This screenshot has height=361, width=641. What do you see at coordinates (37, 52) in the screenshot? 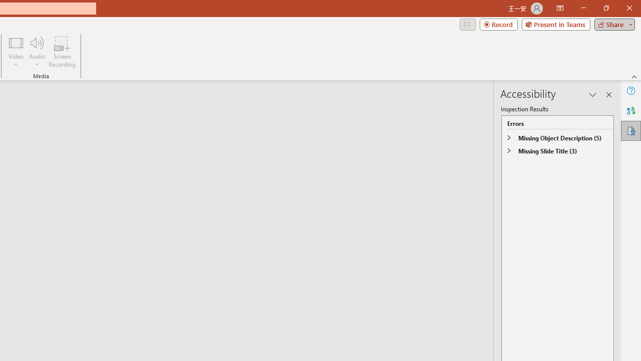
I see `'Audio'` at bounding box center [37, 52].